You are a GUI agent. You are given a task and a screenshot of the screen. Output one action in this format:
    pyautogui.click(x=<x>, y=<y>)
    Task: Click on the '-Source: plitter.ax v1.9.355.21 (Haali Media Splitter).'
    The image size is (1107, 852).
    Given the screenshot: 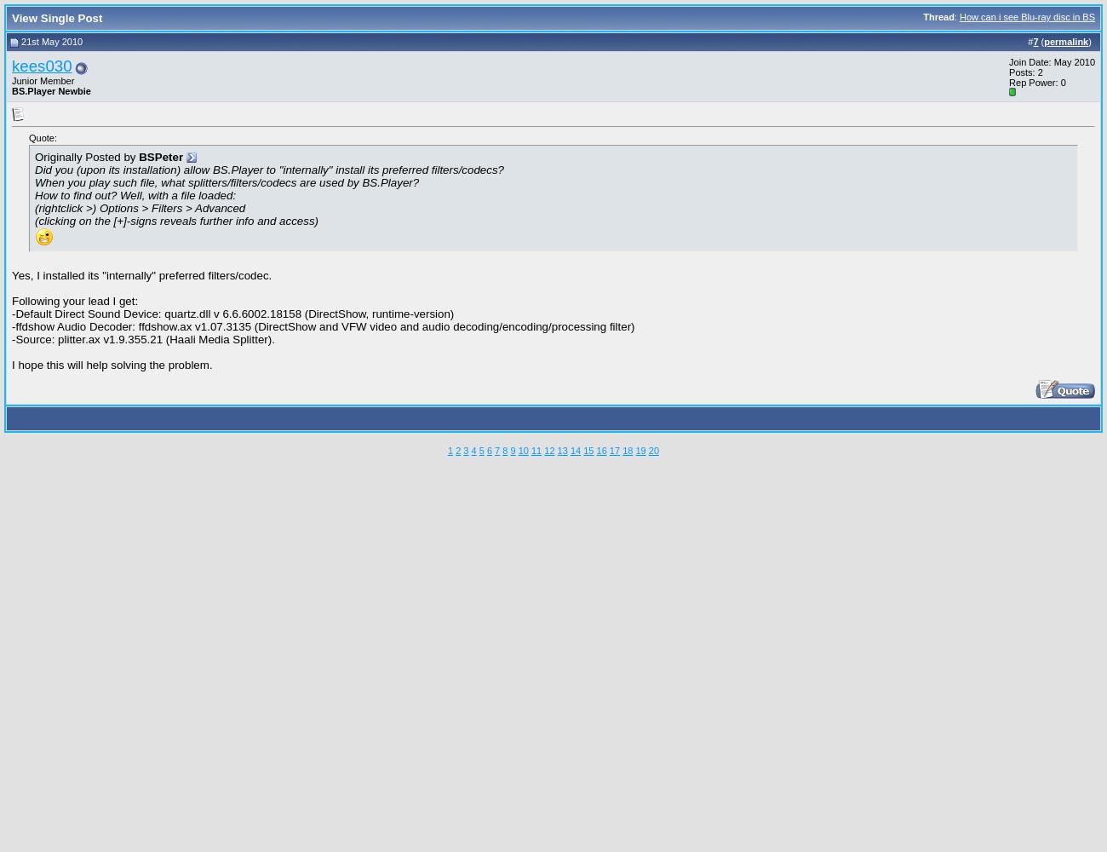 What is the action you would take?
    pyautogui.click(x=142, y=338)
    